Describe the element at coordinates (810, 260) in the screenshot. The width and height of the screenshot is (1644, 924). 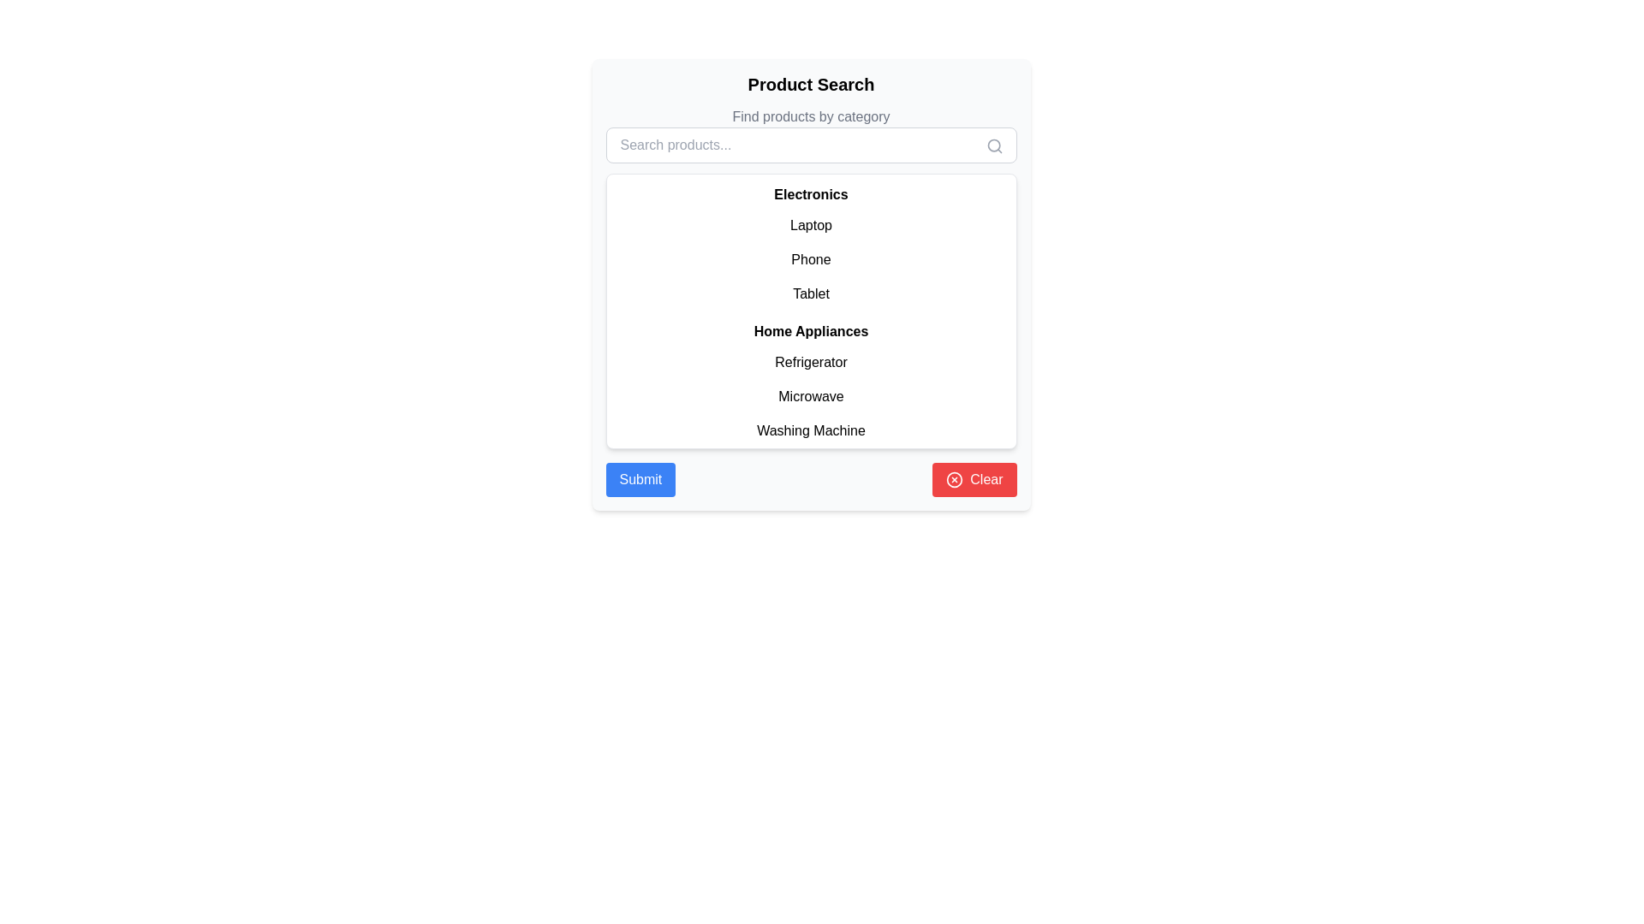
I see `the 'Phone' text label in the Electronics category list` at that location.